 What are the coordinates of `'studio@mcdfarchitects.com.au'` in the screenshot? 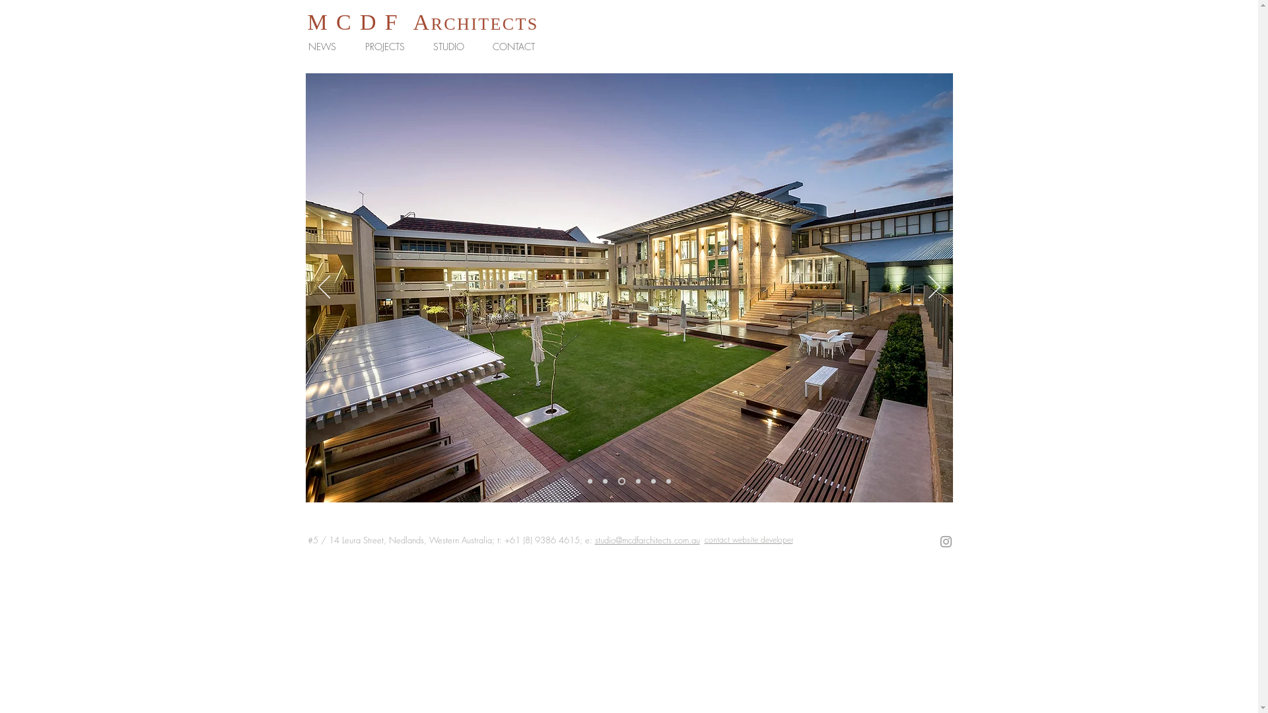 It's located at (594, 539).